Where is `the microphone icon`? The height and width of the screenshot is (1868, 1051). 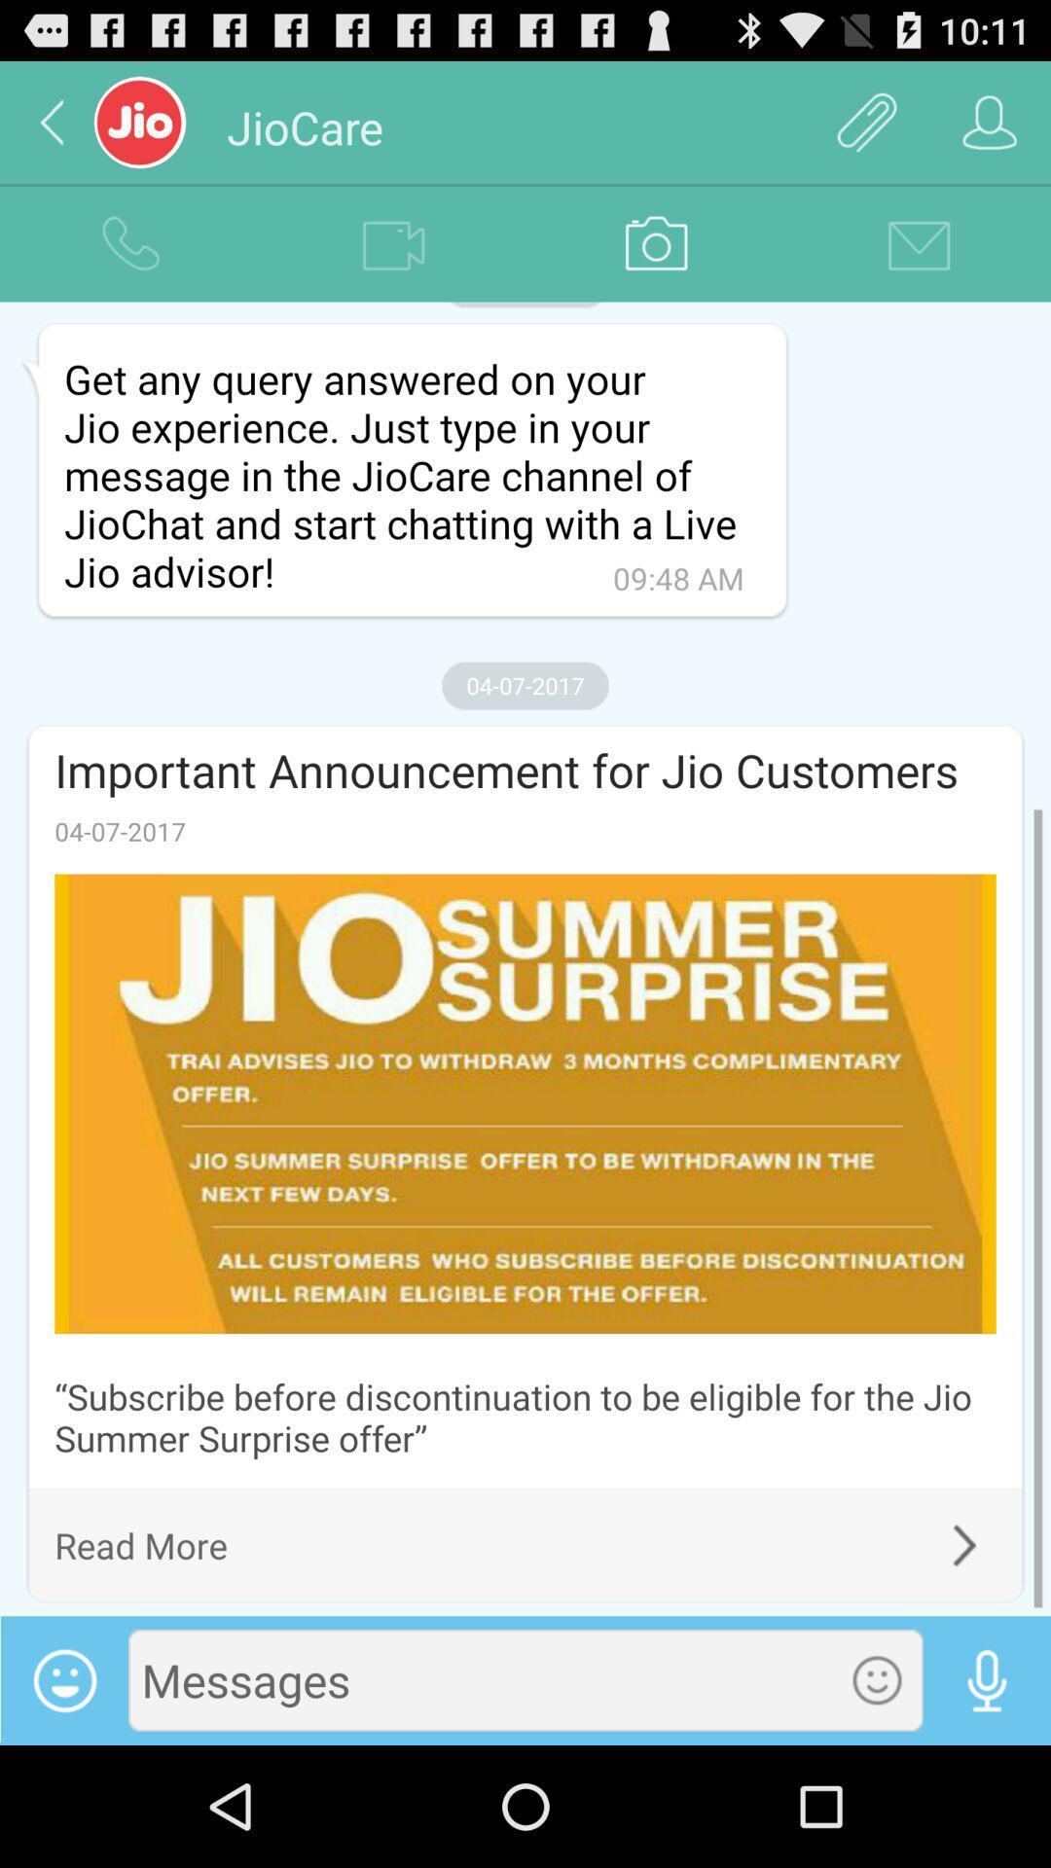 the microphone icon is located at coordinates (987, 1797).